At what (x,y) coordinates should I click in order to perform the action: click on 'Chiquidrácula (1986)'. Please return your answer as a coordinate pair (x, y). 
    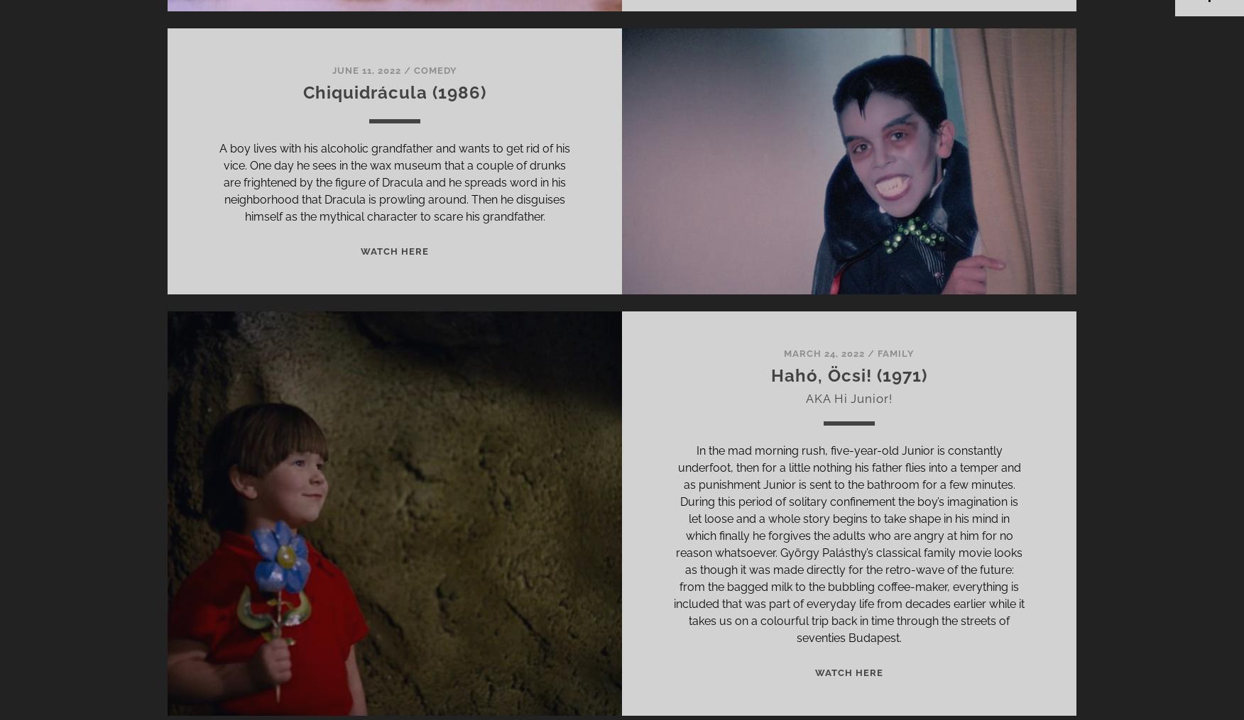
    Looking at the image, I should click on (393, 92).